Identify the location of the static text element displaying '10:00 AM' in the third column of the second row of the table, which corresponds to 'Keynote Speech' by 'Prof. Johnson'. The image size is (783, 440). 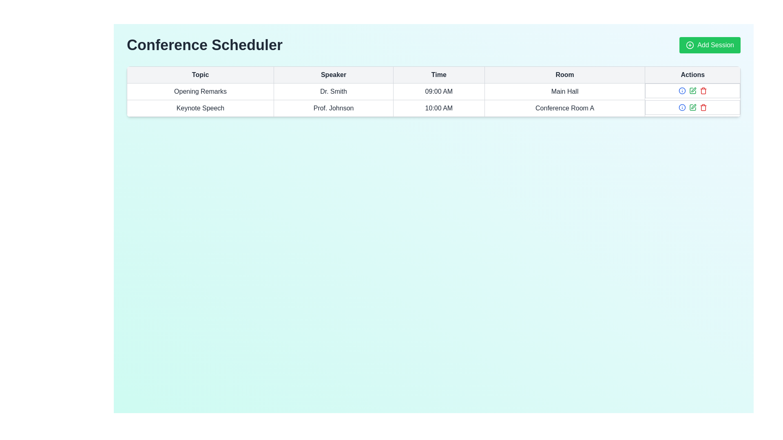
(438, 108).